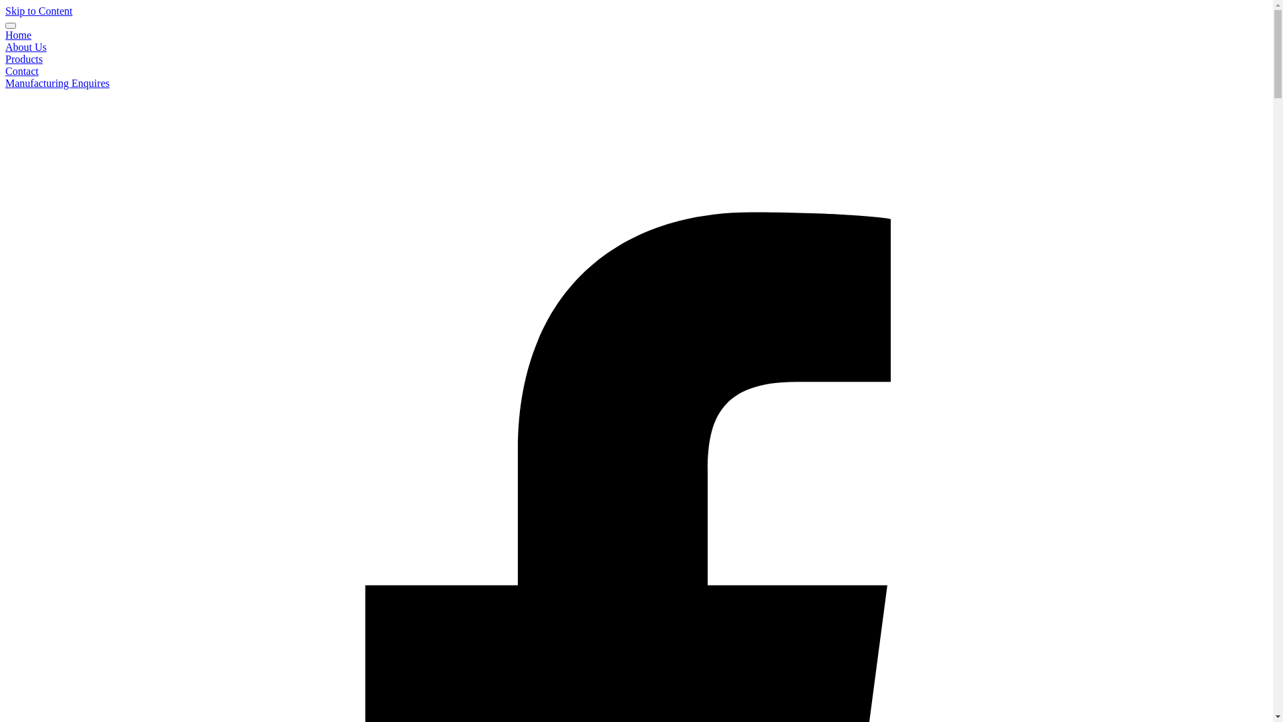 This screenshot has height=722, width=1283. Describe the element at coordinates (5, 71) in the screenshot. I see `'Contact'` at that location.